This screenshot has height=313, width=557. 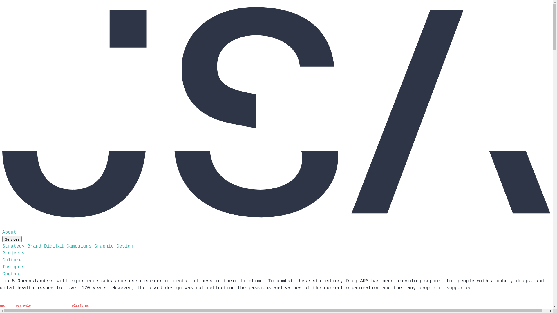 I want to click on 'Brand', so click(x=27, y=246).